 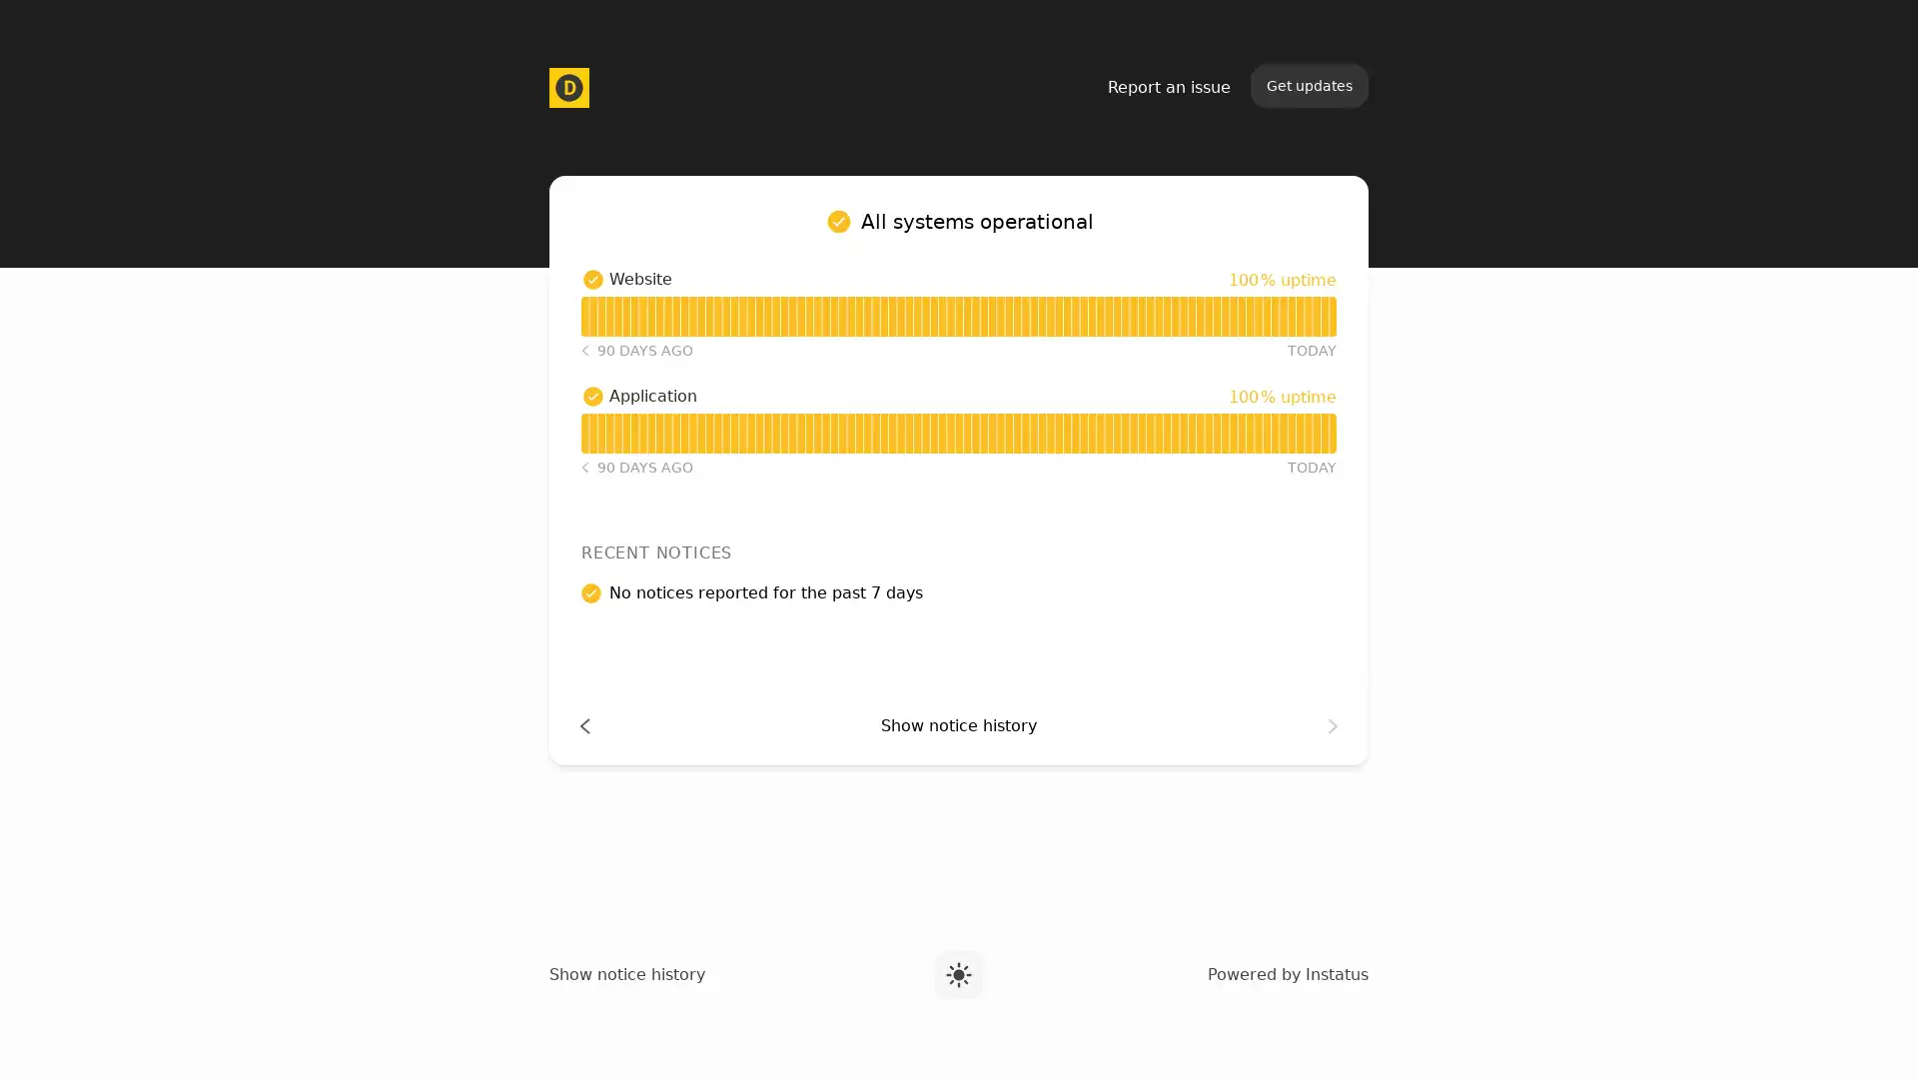 I want to click on Get updates, so click(x=1309, y=84).